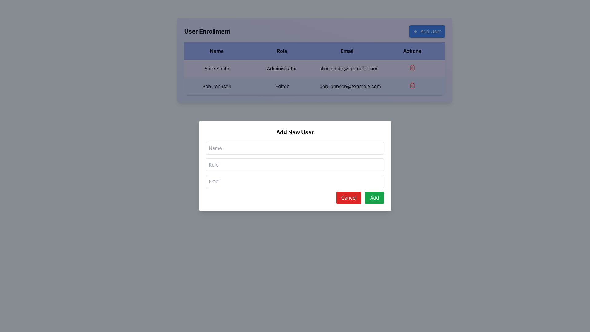  What do you see at coordinates (281, 86) in the screenshot?
I see `the Text Label indicating the role of the user for 'Bob Johnson' located in the 'Role' column of the second row of the user table` at bounding box center [281, 86].